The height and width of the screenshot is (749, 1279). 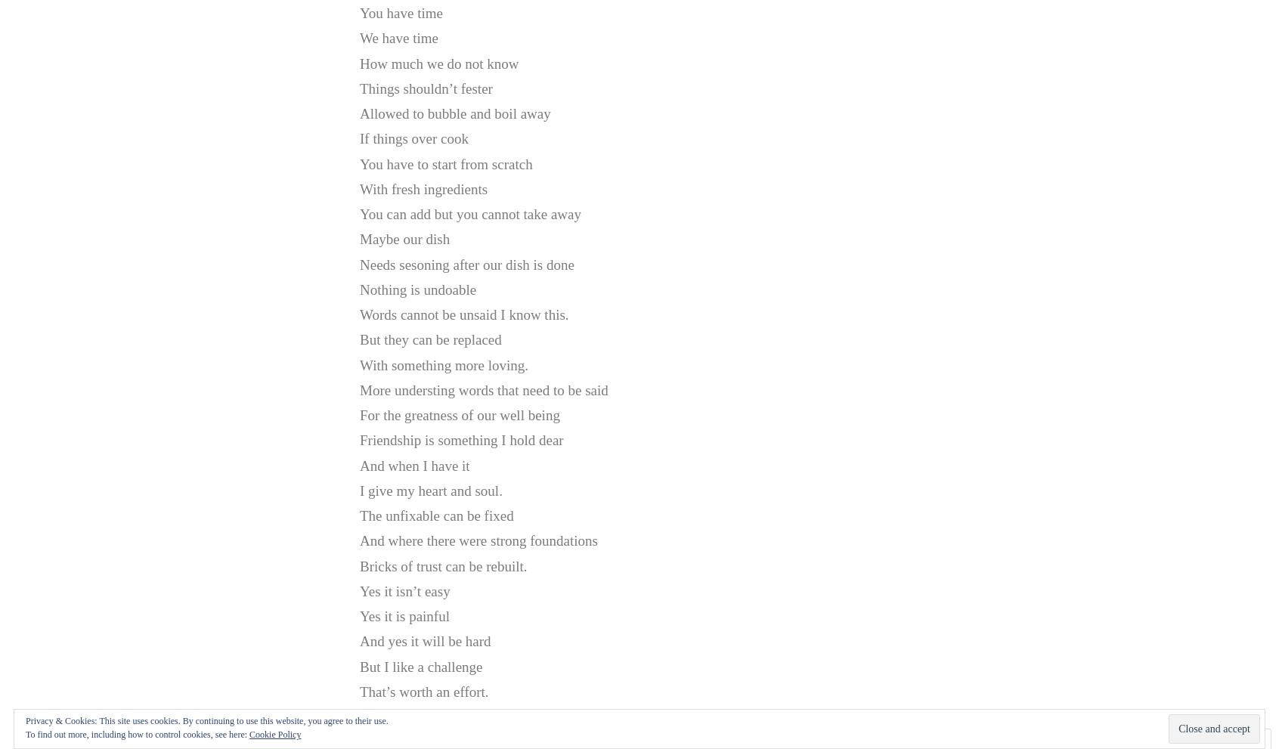 I want to click on 'You can add but you cannot take away', so click(x=469, y=213).